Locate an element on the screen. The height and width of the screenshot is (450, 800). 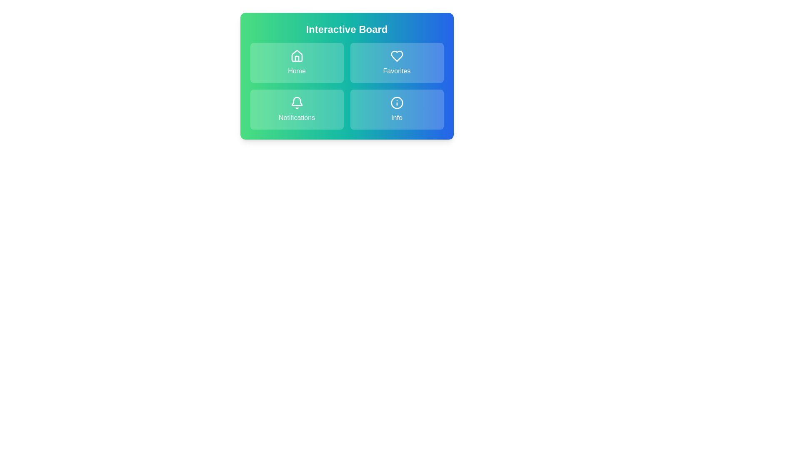
the circular 'Info' icon located centrally above the 'Info' text button on the bottom-right corner of the interface is located at coordinates (396, 102).